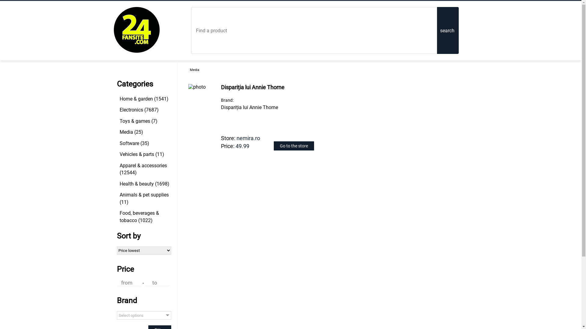 This screenshot has width=586, height=329. I want to click on 'Home & garden (1541)', so click(144, 98).